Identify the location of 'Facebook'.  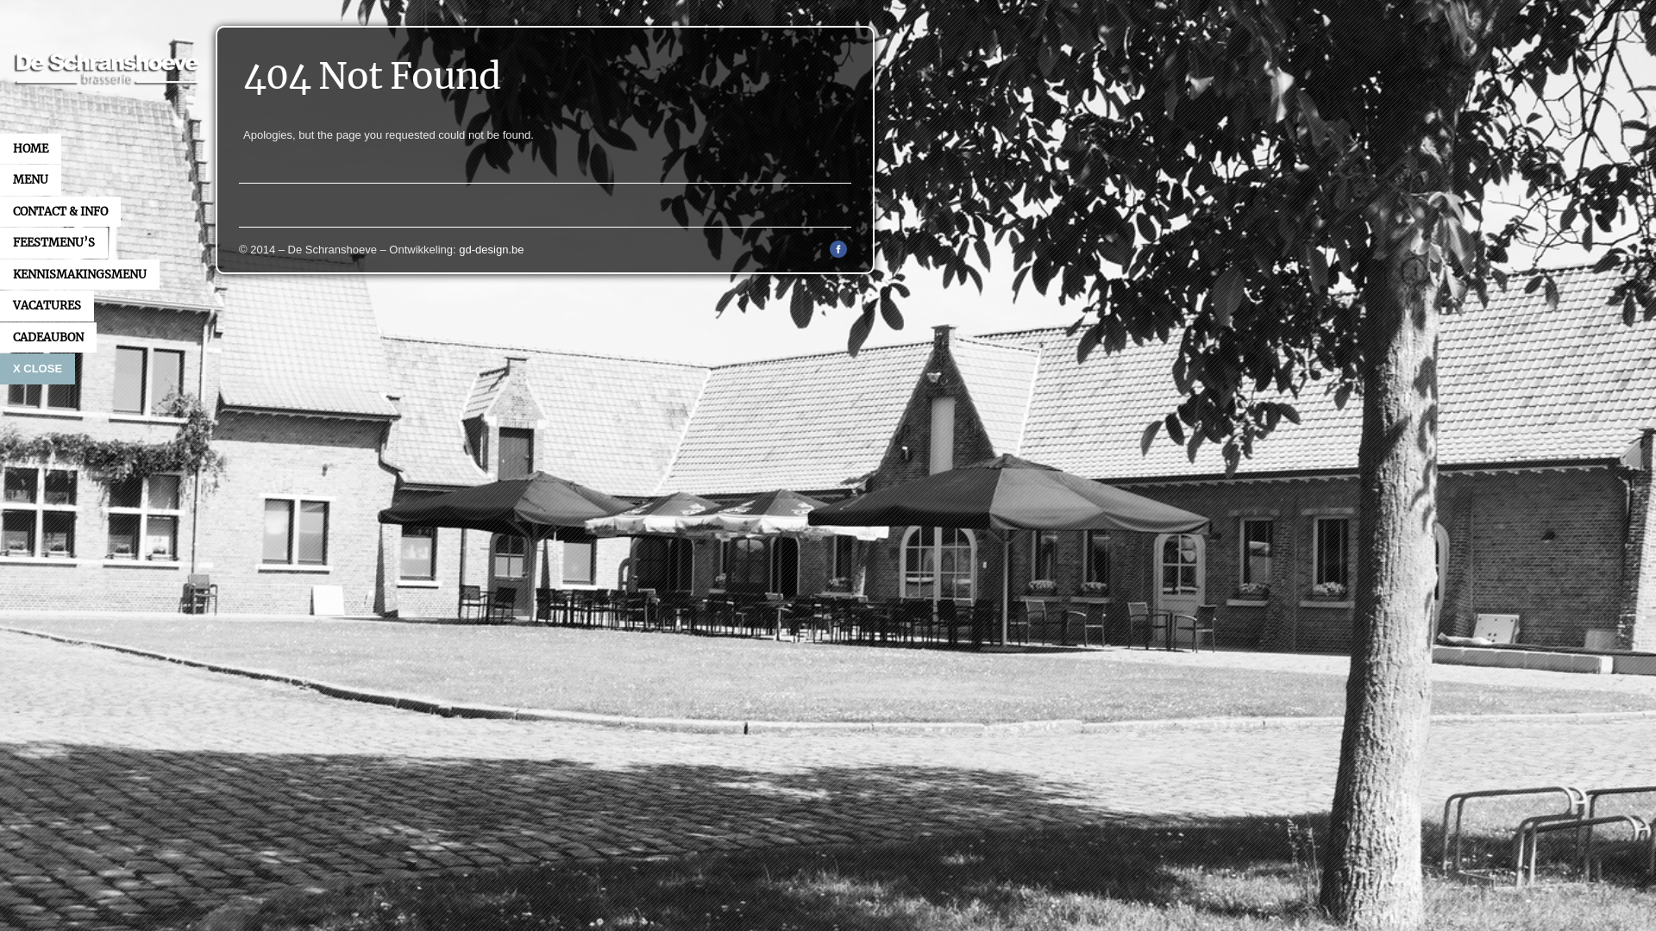
(838, 253).